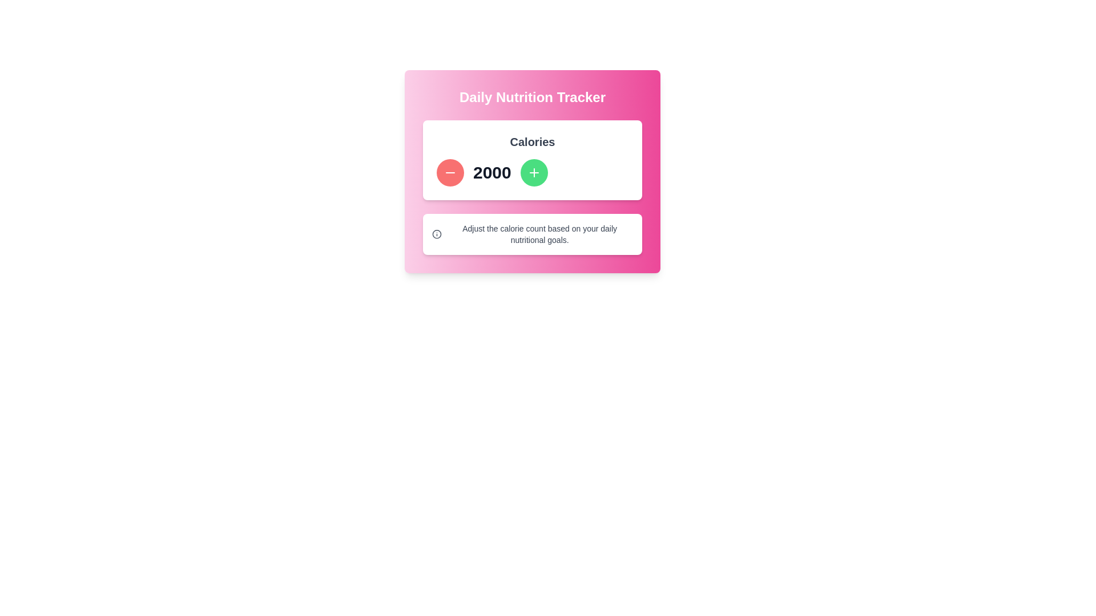  What do you see at coordinates (539, 234) in the screenshot?
I see `the static informational text that provides guidance about adjusting calorie counts, which is located within a white card beneath the calorie information section and right-aligned with an icon` at bounding box center [539, 234].